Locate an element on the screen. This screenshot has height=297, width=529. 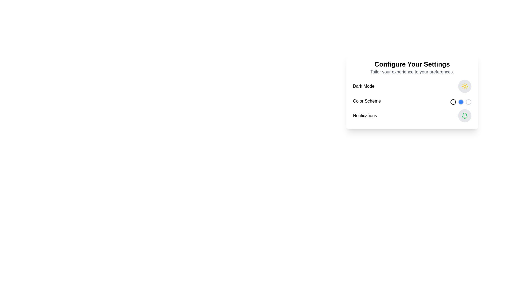
the 'Dark Mode' label element, which is styled in a medium font and located in the settings configuration segment, beneath the heading 'Configure Your Settings' is located at coordinates (364, 86).